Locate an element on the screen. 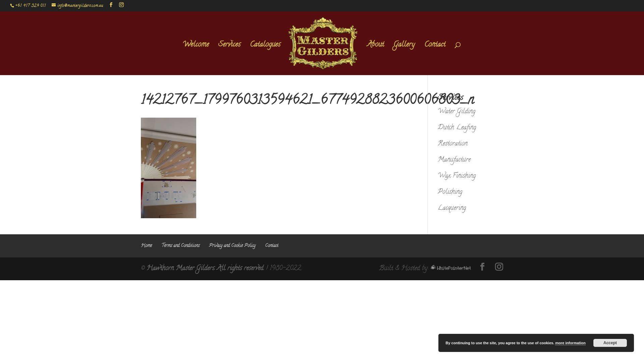  'Restoration' is located at coordinates (452, 143).